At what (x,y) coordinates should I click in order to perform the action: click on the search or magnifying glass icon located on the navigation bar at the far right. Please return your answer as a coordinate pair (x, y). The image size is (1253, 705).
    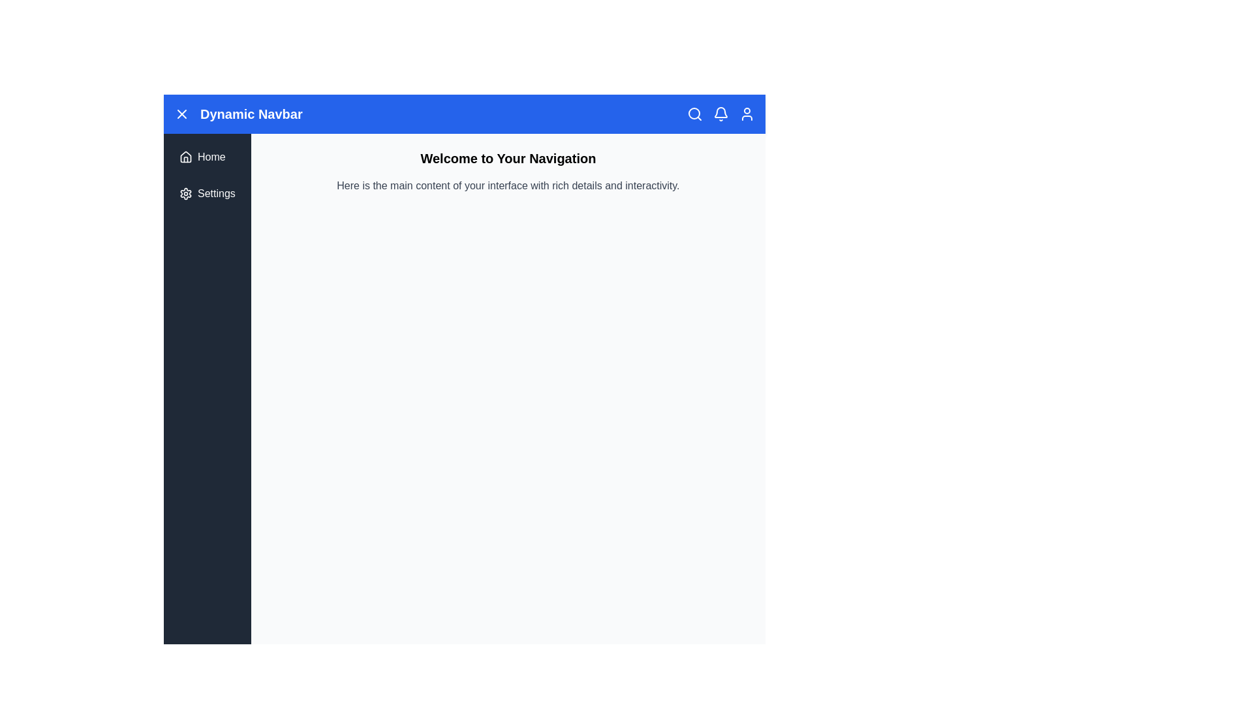
    Looking at the image, I should click on (694, 112).